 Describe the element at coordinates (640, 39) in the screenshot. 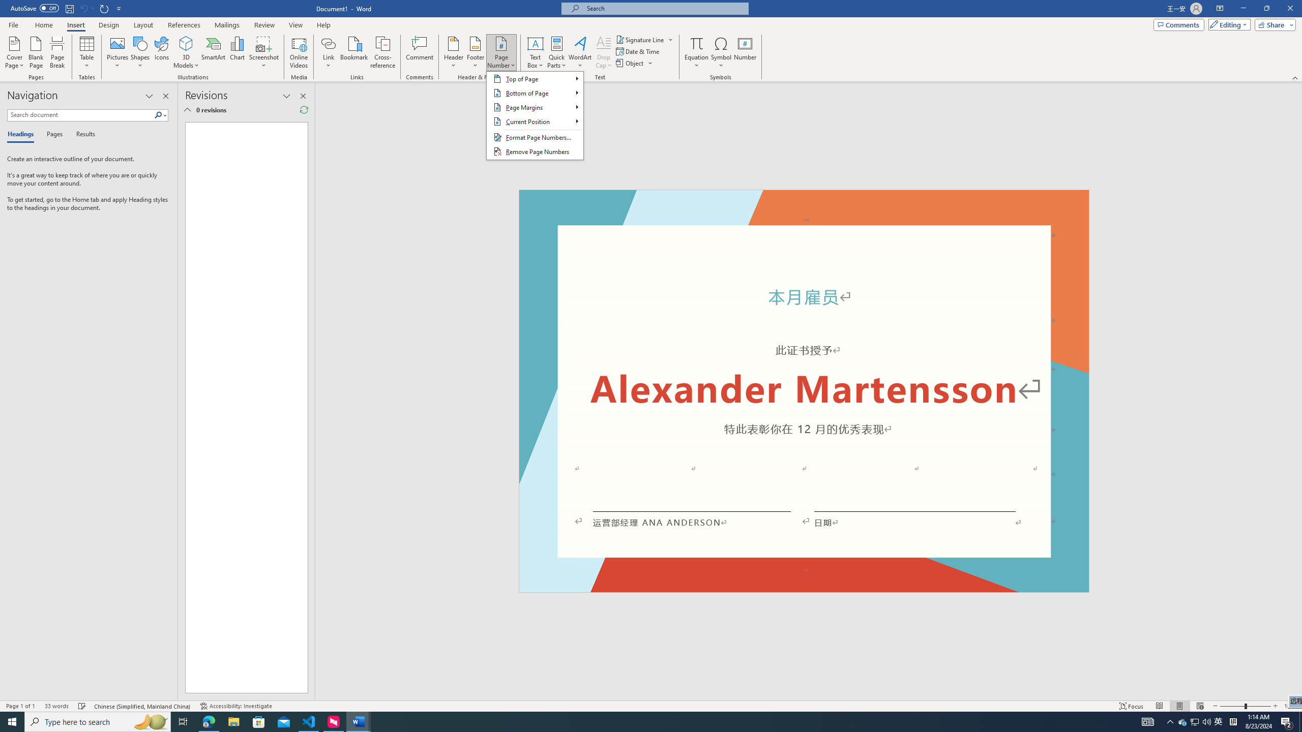

I see `'Signature Line'` at that location.